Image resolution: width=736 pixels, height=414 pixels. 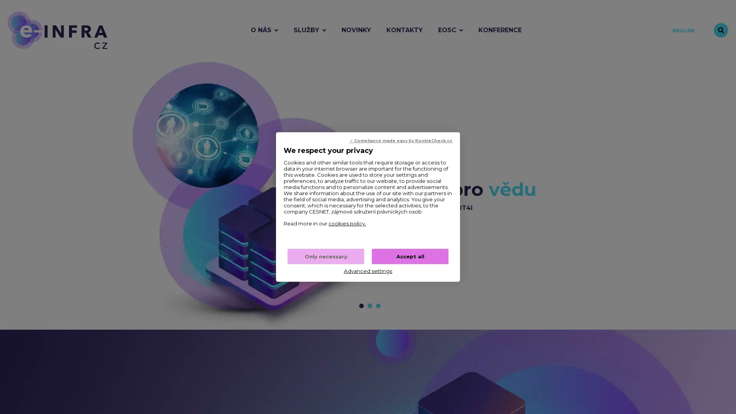 I want to click on Vyhledavani, so click(x=721, y=30).